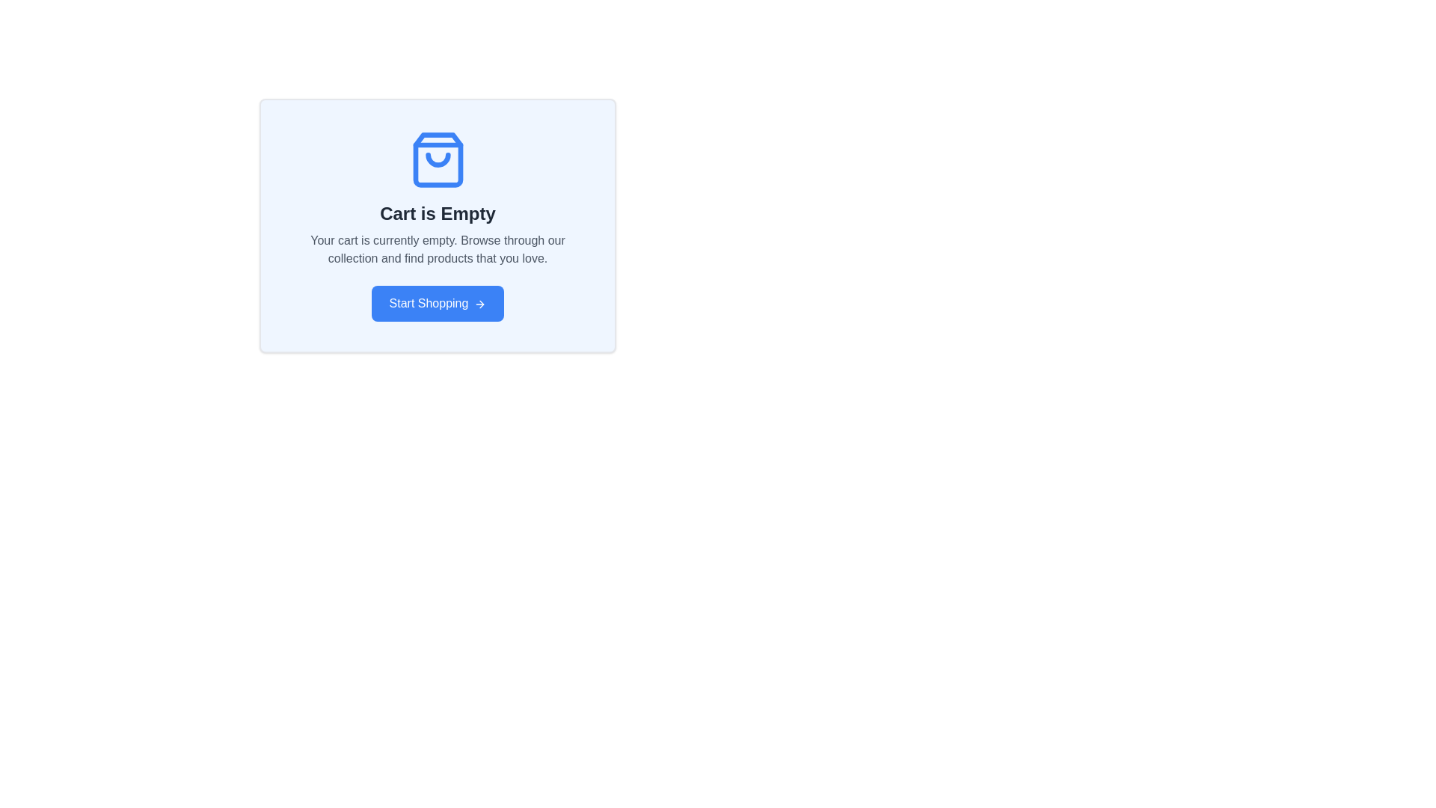 This screenshot has height=808, width=1436. What do you see at coordinates (437, 249) in the screenshot?
I see `the text block that notifies users their cart is empty, positioned below the 'Cart is Empty' heading and above the 'Start Shopping' button` at bounding box center [437, 249].